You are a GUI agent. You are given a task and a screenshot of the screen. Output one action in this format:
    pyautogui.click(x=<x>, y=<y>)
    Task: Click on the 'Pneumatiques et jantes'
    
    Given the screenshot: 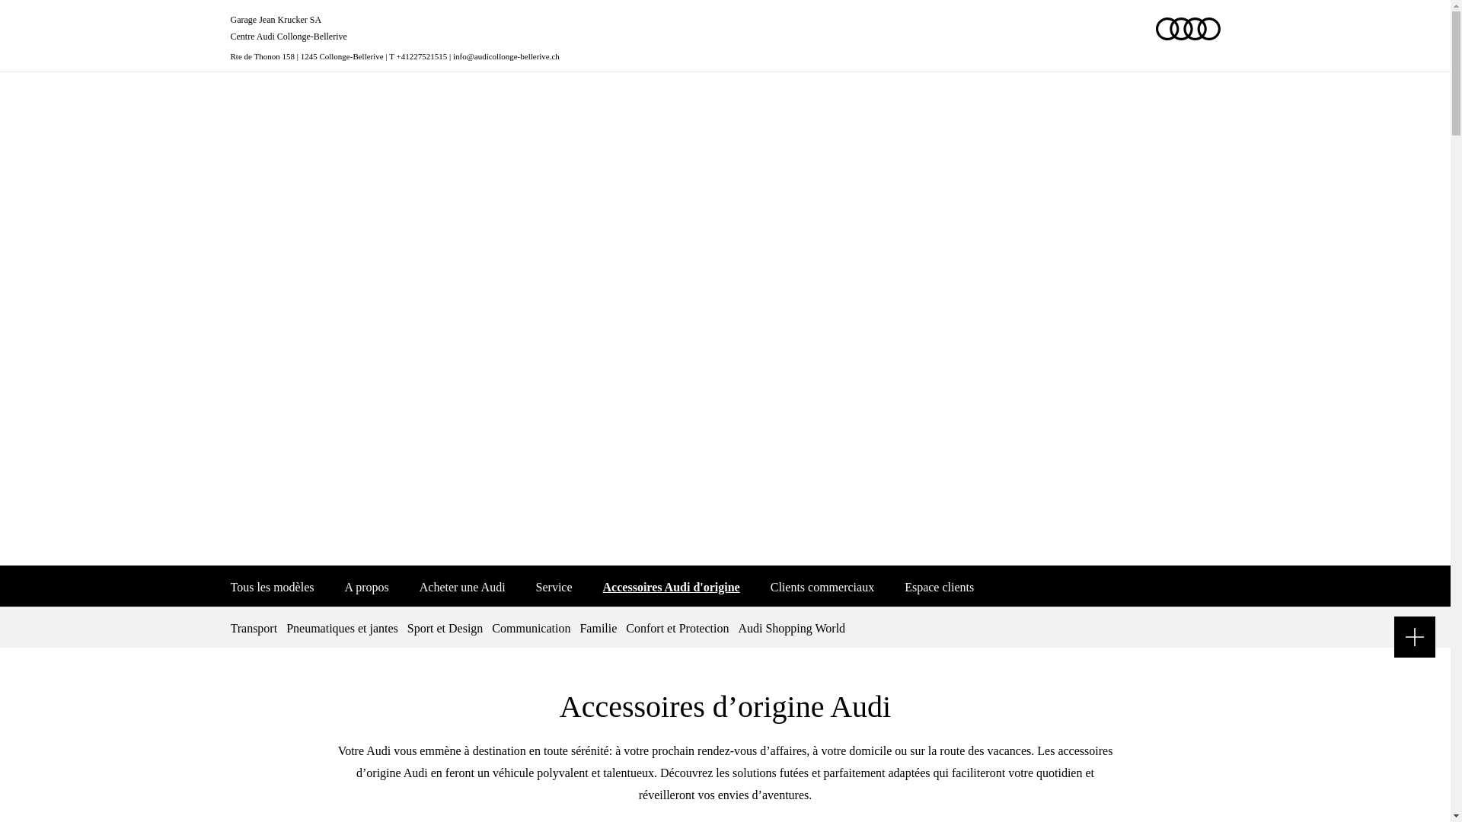 What is the action you would take?
    pyautogui.click(x=281, y=627)
    